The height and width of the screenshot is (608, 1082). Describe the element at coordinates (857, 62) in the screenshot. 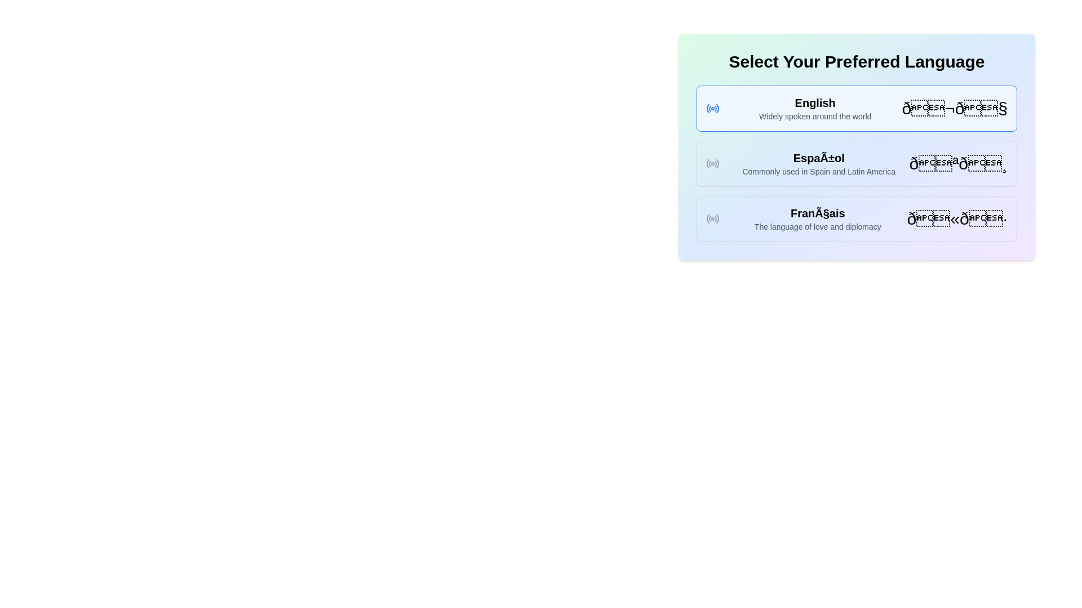

I see `the bold header text 'Select Your Preferred Language' located at the top of the interface` at that location.